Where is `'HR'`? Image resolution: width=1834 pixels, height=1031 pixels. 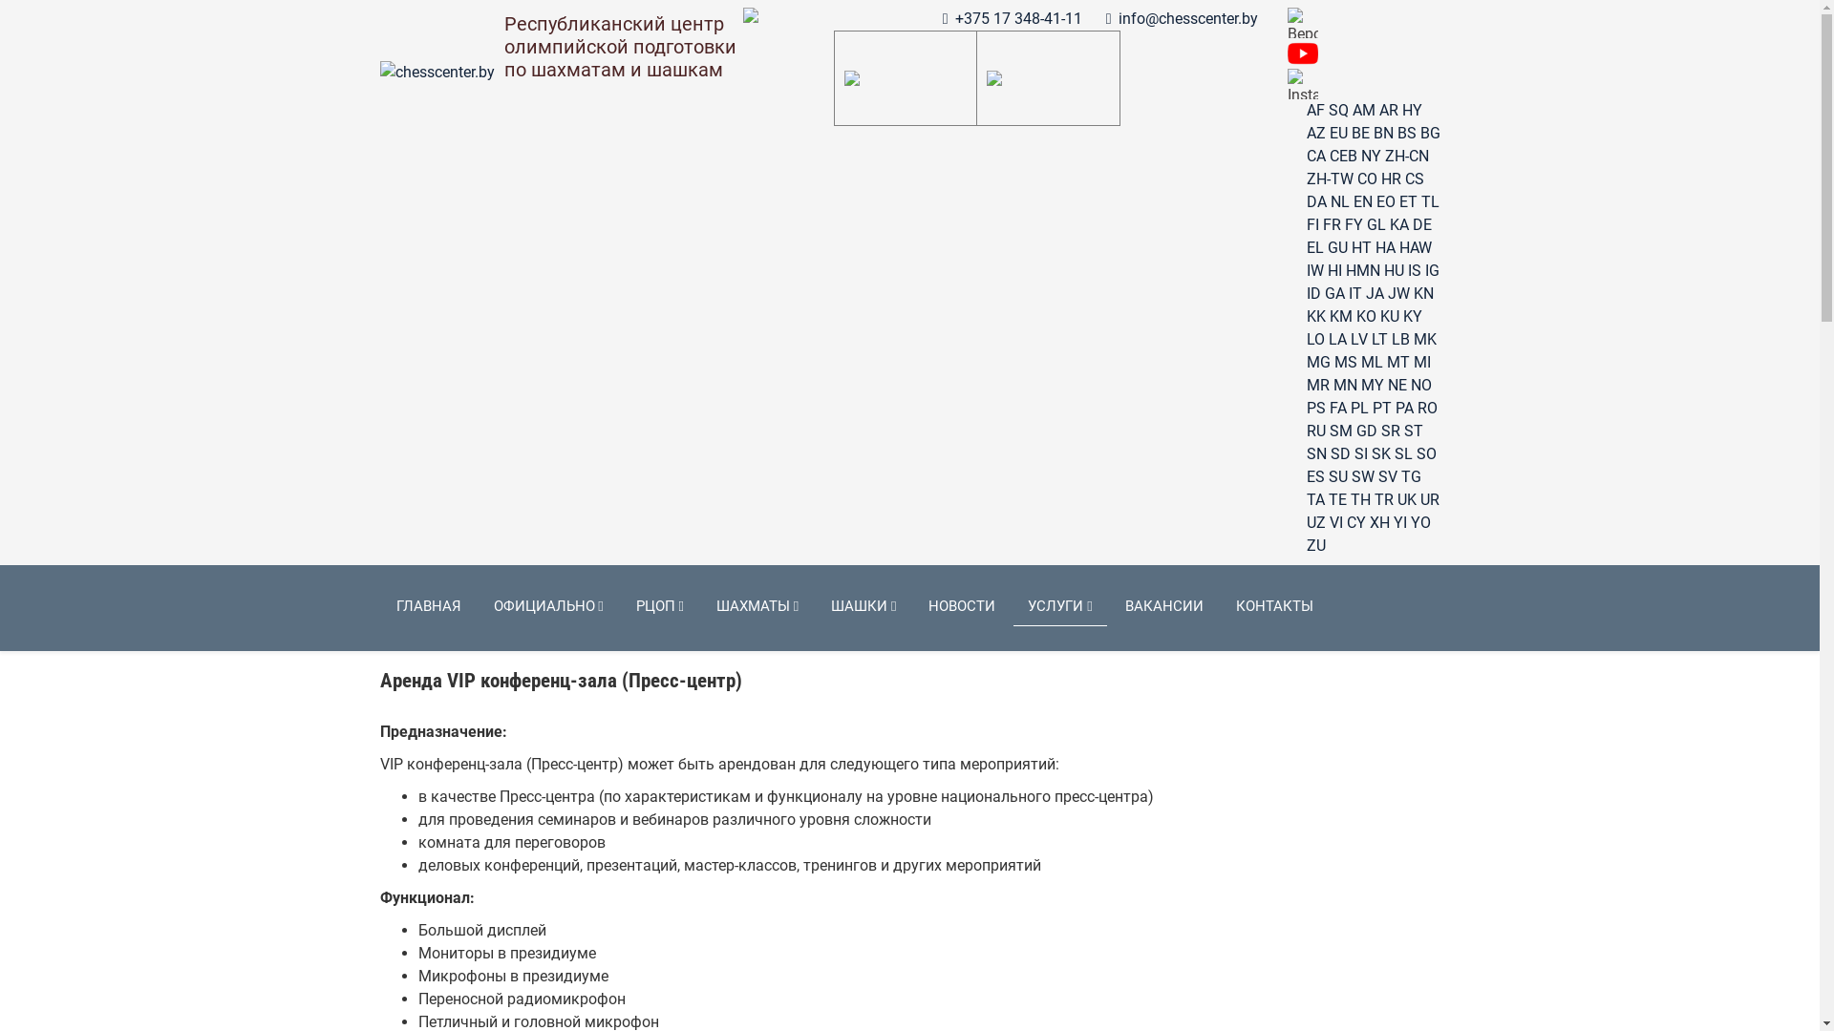 'HR' is located at coordinates (1391, 179).